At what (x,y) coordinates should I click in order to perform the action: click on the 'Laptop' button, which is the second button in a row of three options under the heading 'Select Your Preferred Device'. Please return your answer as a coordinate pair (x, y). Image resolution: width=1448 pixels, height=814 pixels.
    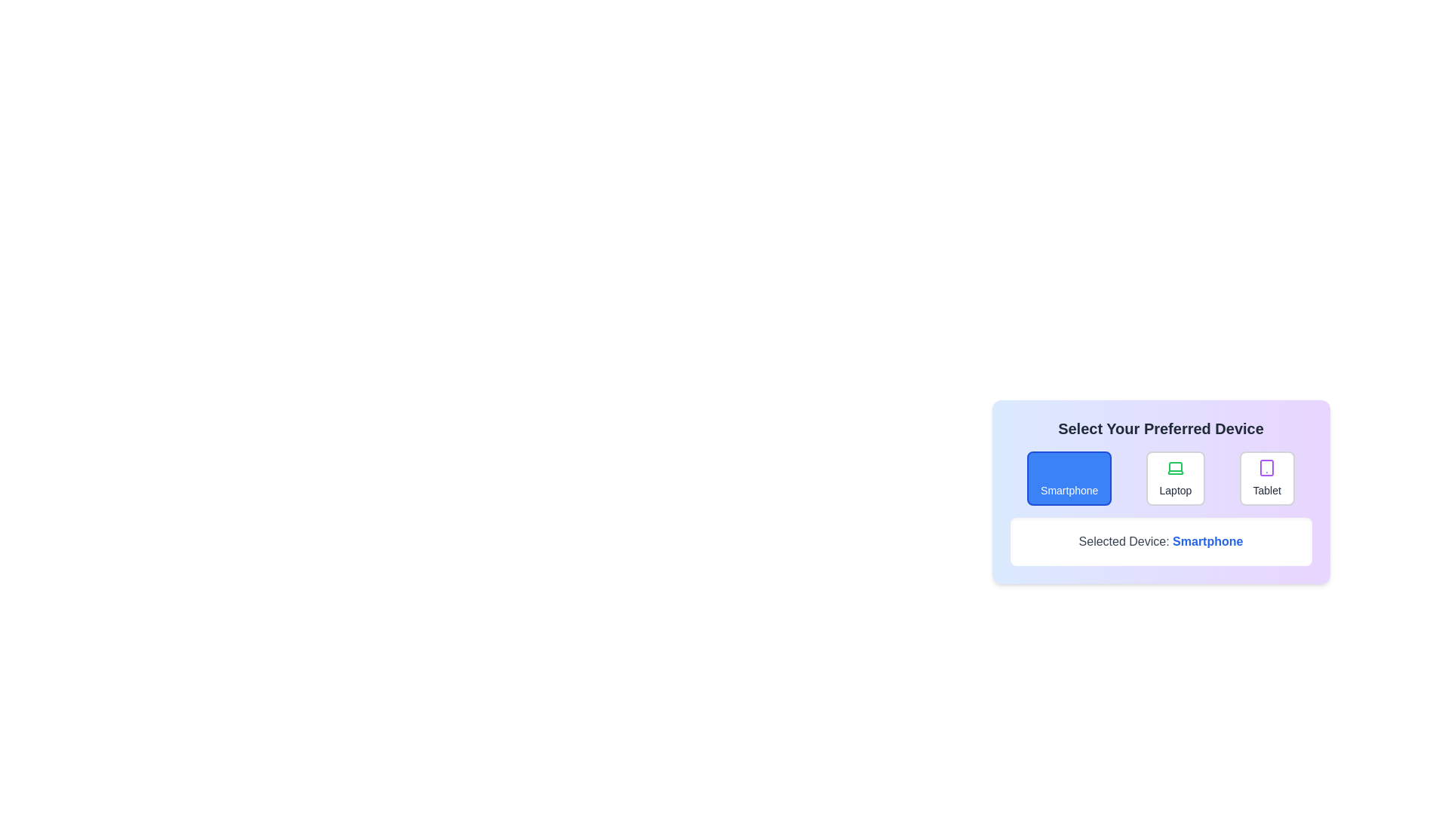
    Looking at the image, I should click on (1160, 485).